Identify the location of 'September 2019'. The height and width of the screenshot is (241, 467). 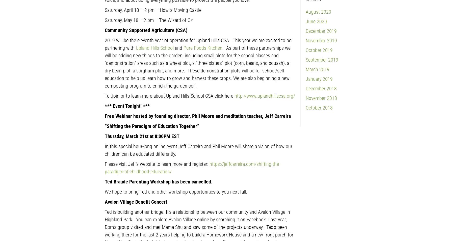
(322, 59).